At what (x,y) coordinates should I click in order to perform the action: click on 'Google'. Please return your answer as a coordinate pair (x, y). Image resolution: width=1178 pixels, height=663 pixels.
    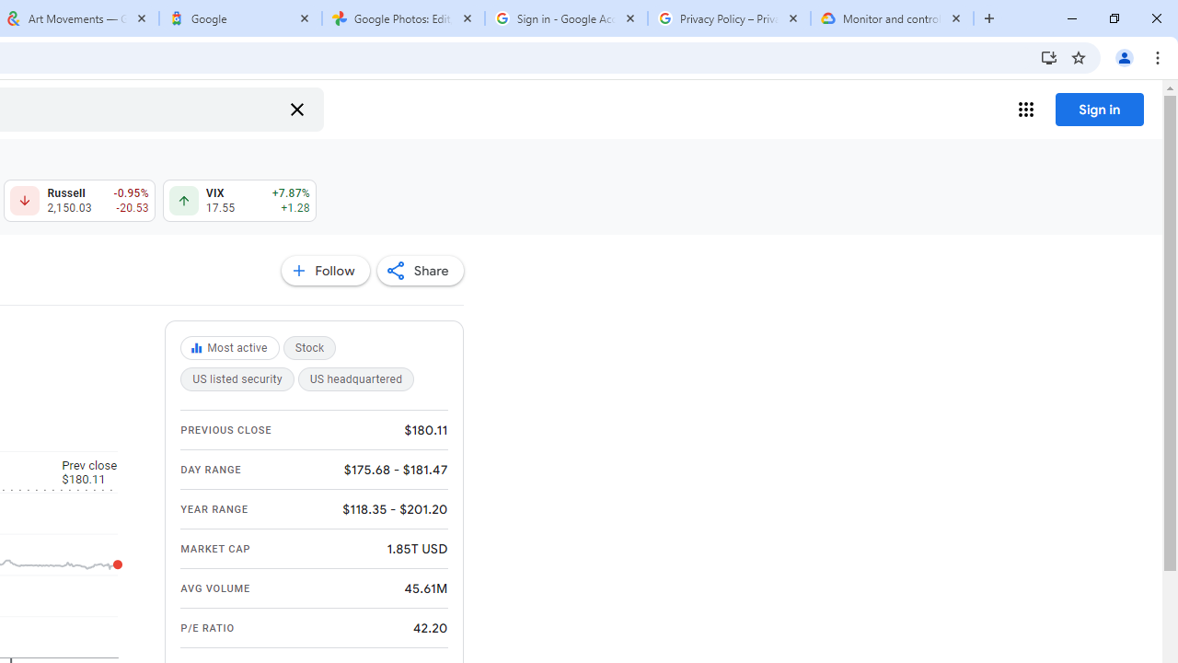
    Looking at the image, I should click on (239, 18).